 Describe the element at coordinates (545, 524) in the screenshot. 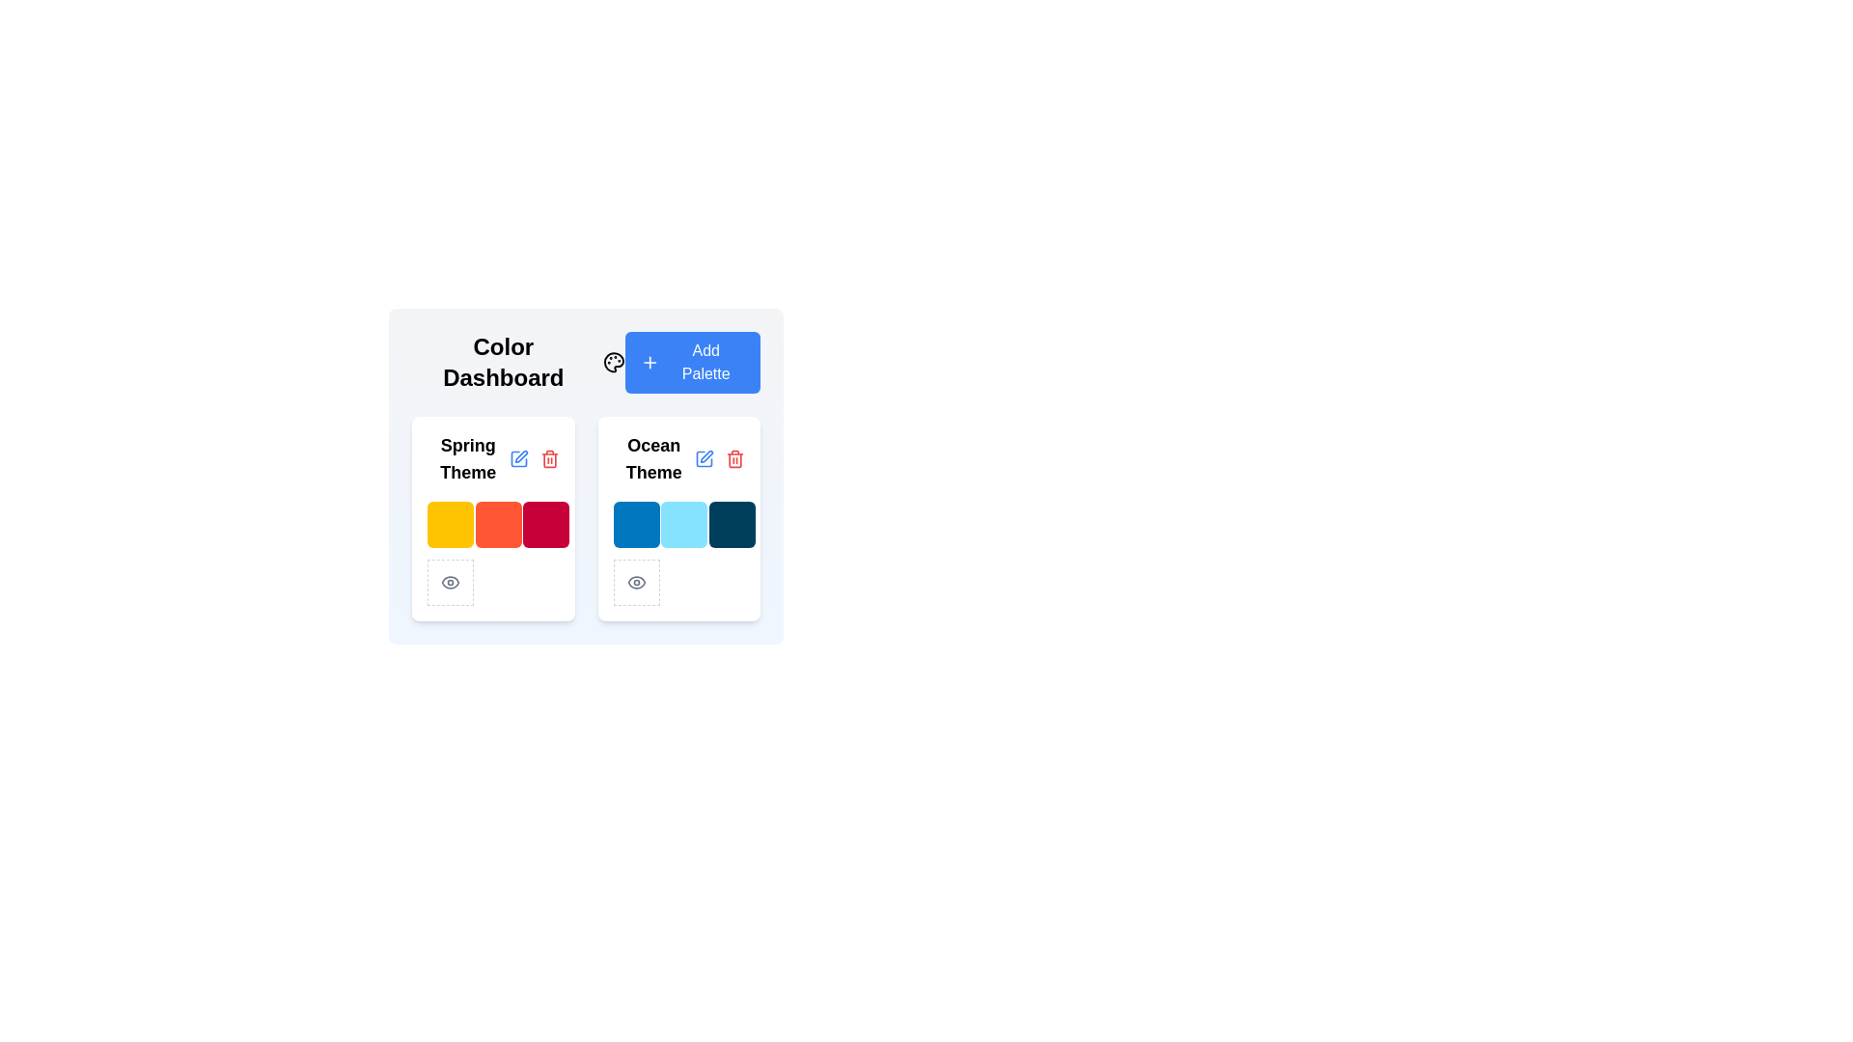

I see `the color swatch with a solid red background (#C70039) located in the 'Spring Theme' card, which is the third element in a row of three square components` at that location.